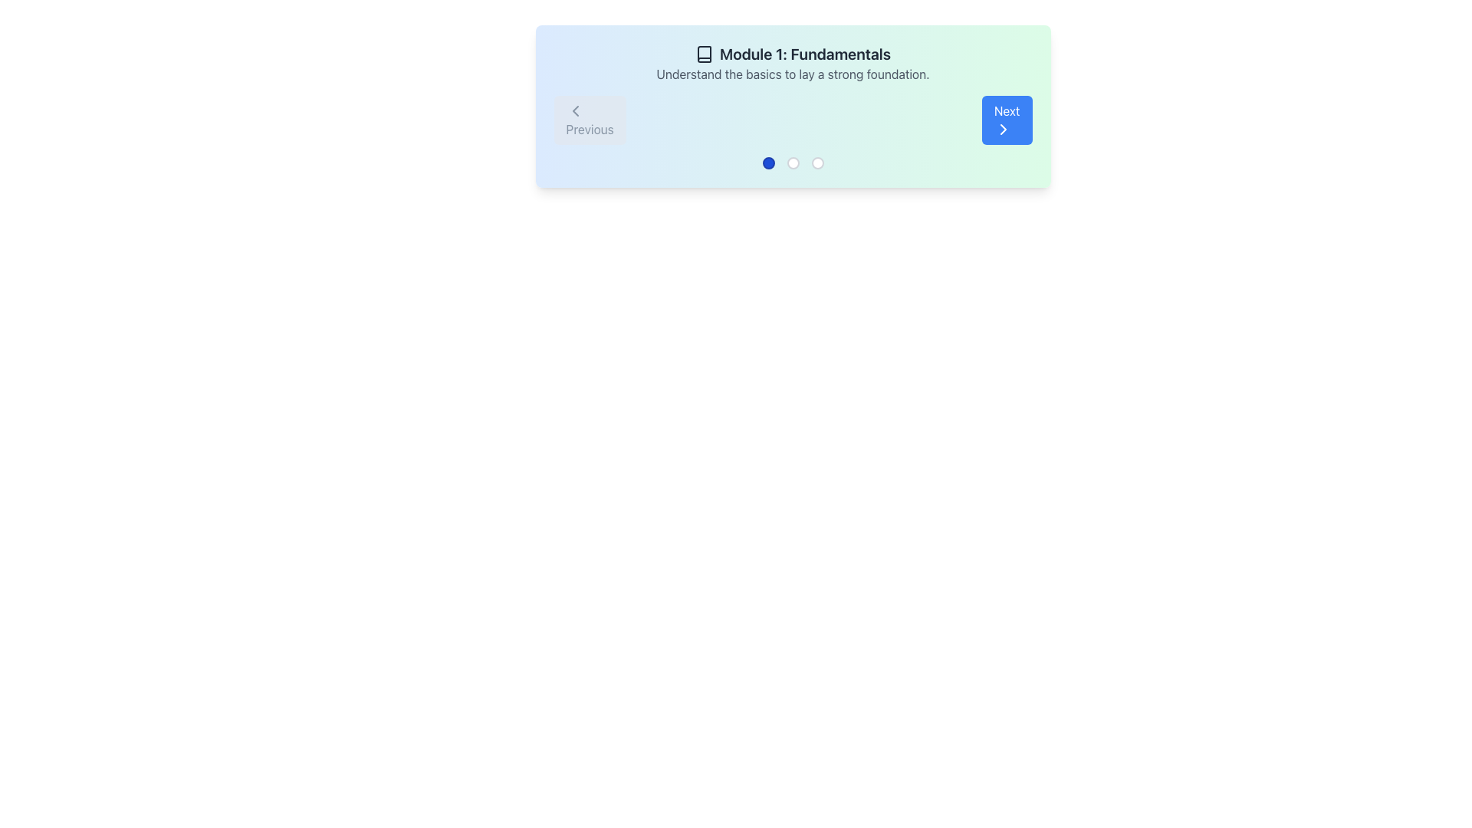 The width and height of the screenshot is (1472, 828). What do you see at coordinates (768, 163) in the screenshot?
I see `the first circular Indicator Dot with a blue background and border, located near the center of the interface in a horizontal arrangement beneath a module title` at bounding box center [768, 163].